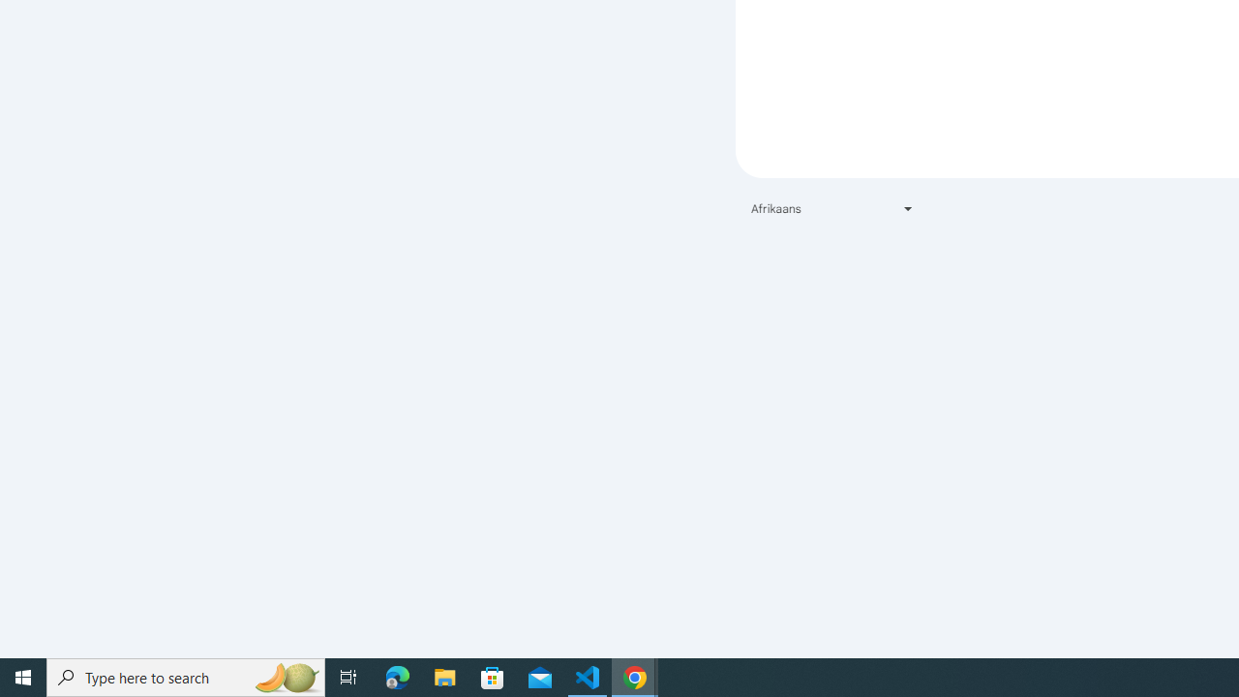  What do you see at coordinates (444, 676) in the screenshot?
I see `'File Explorer'` at bounding box center [444, 676].